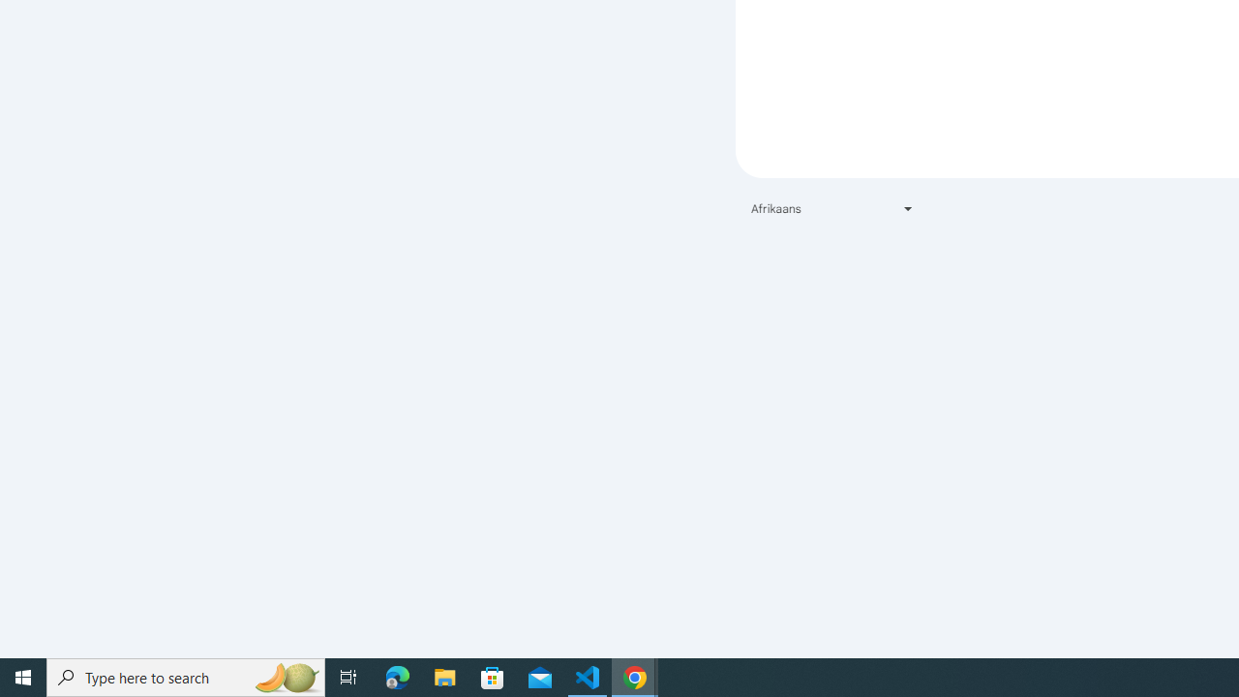  What do you see at coordinates (444, 676) in the screenshot?
I see `'File Explorer'` at bounding box center [444, 676].